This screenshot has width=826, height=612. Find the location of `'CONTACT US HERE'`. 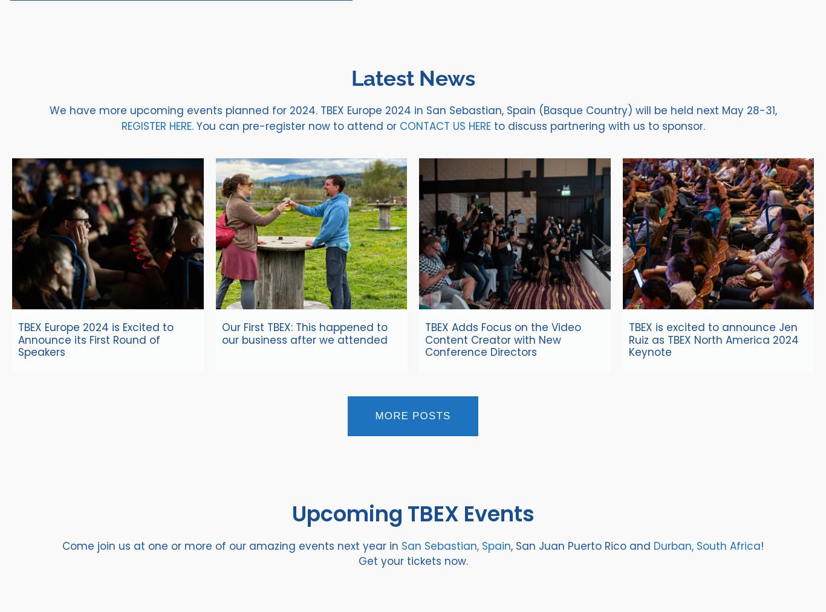

'CONTACT US HERE' is located at coordinates (444, 124).